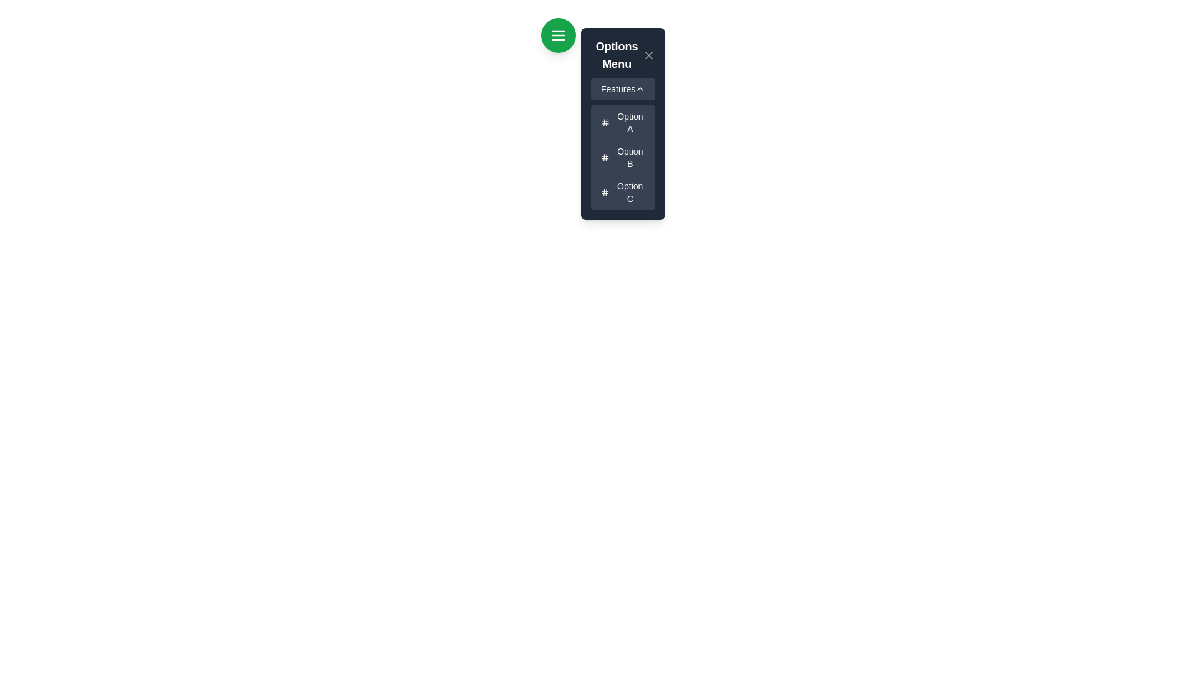  I want to click on the hash icon, which serves as a visual identifier for the menu item labeled 'Option A', so click(605, 122).